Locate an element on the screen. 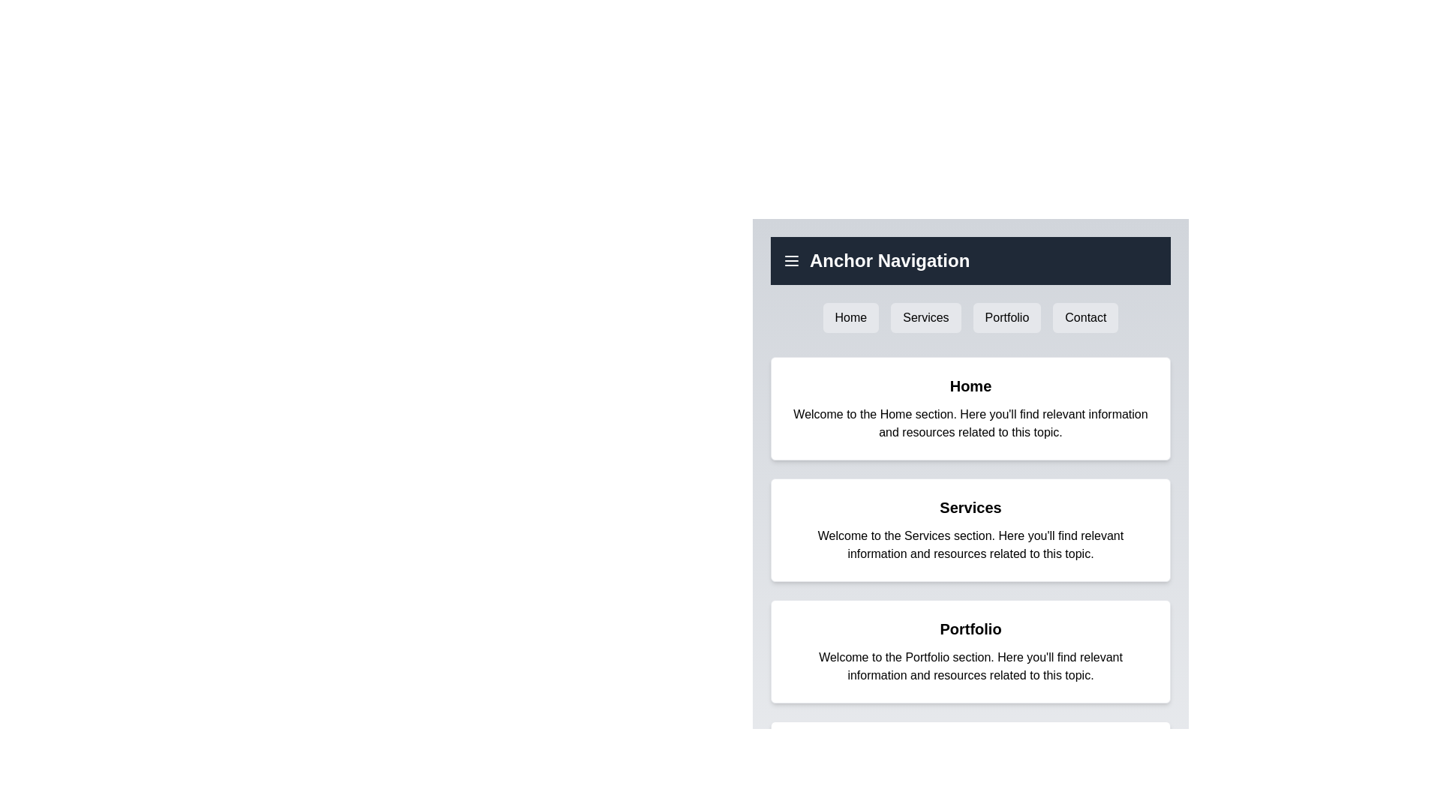 Image resolution: width=1441 pixels, height=810 pixels. the navigational button on the far right of the horizontal menu bar to move to the Contact section of the website is located at coordinates (1085, 317).